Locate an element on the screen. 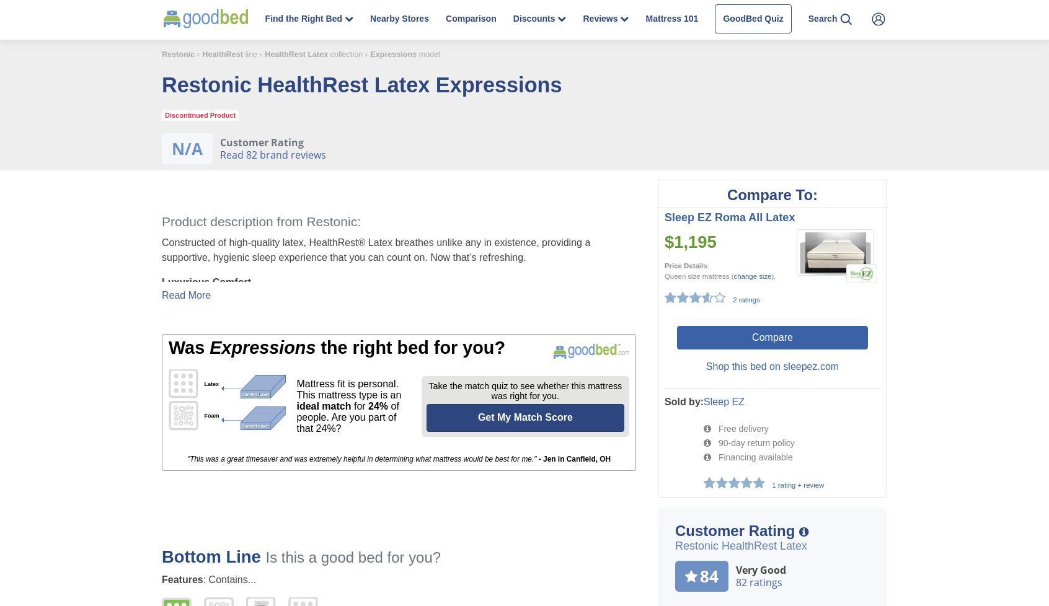 The height and width of the screenshot is (606, 1049). 'Take the match quiz to see whether this
                  mattress
                  was
                    right for you.' is located at coordinates (524, 390).